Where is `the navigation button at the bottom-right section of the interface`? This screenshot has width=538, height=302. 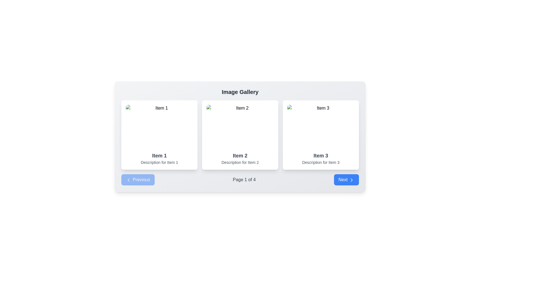
the navigation button at the bottom-right section of the interface is located at coordinates (346, 180).